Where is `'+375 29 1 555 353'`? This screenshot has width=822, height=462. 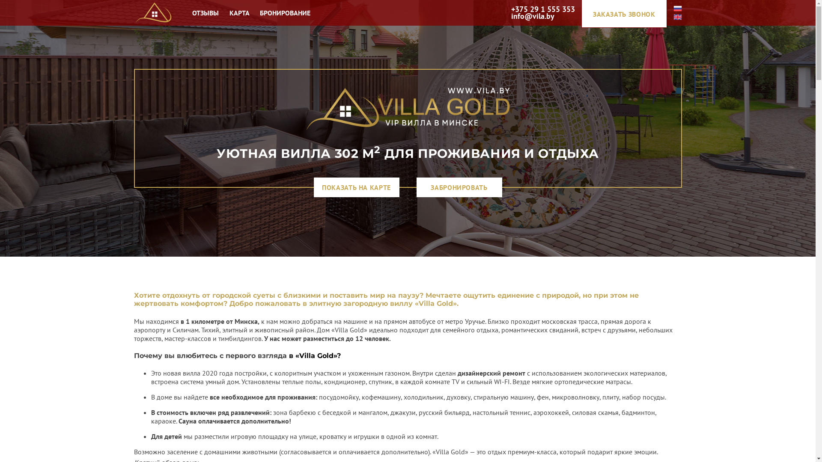
'+375 29 1 555 353' is located at coordinates (542, 9).